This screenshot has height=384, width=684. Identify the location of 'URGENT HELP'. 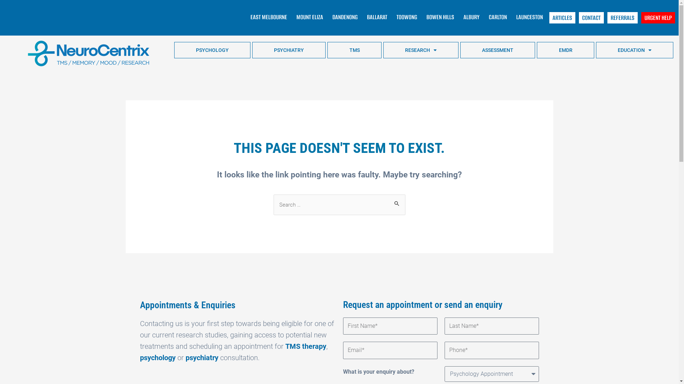
(658, 17).